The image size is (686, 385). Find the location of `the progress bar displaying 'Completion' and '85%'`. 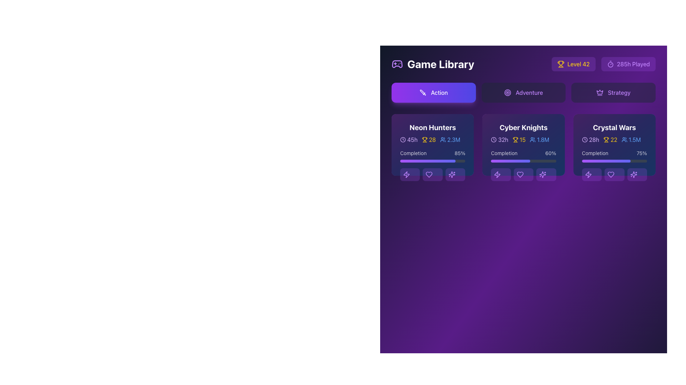

the progress bar displaying 'Completion' and '85%' is located at coordinates (432, 165).